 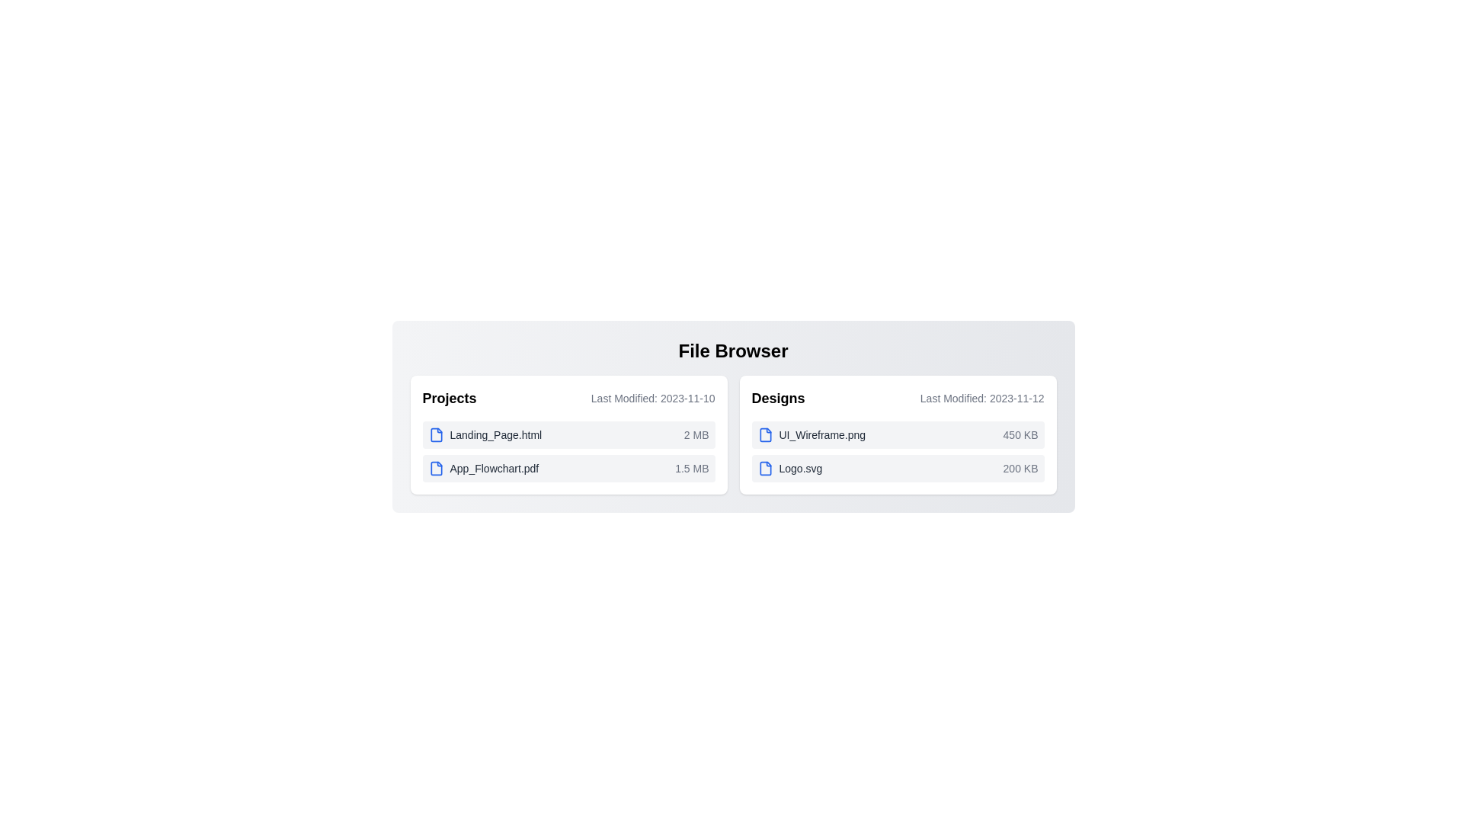 I want to click on the file entry UI_Wireframe.png to highlight it, so click(x=898, y=434).